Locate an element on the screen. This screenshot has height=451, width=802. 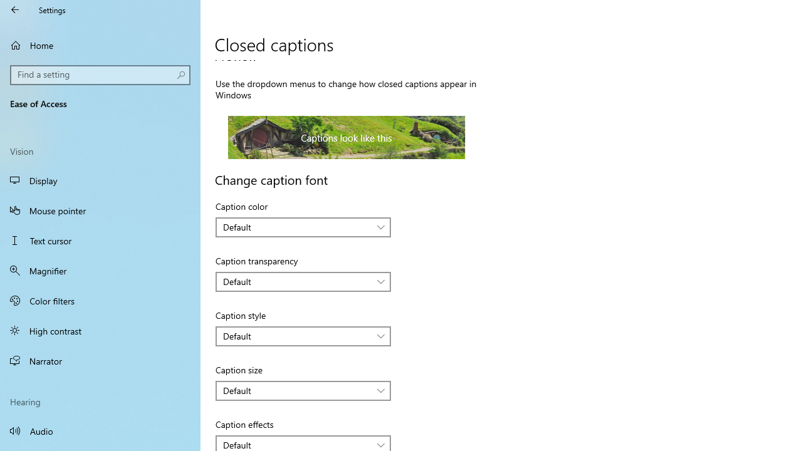
'Narrator' is located at coordinates (100, 361).